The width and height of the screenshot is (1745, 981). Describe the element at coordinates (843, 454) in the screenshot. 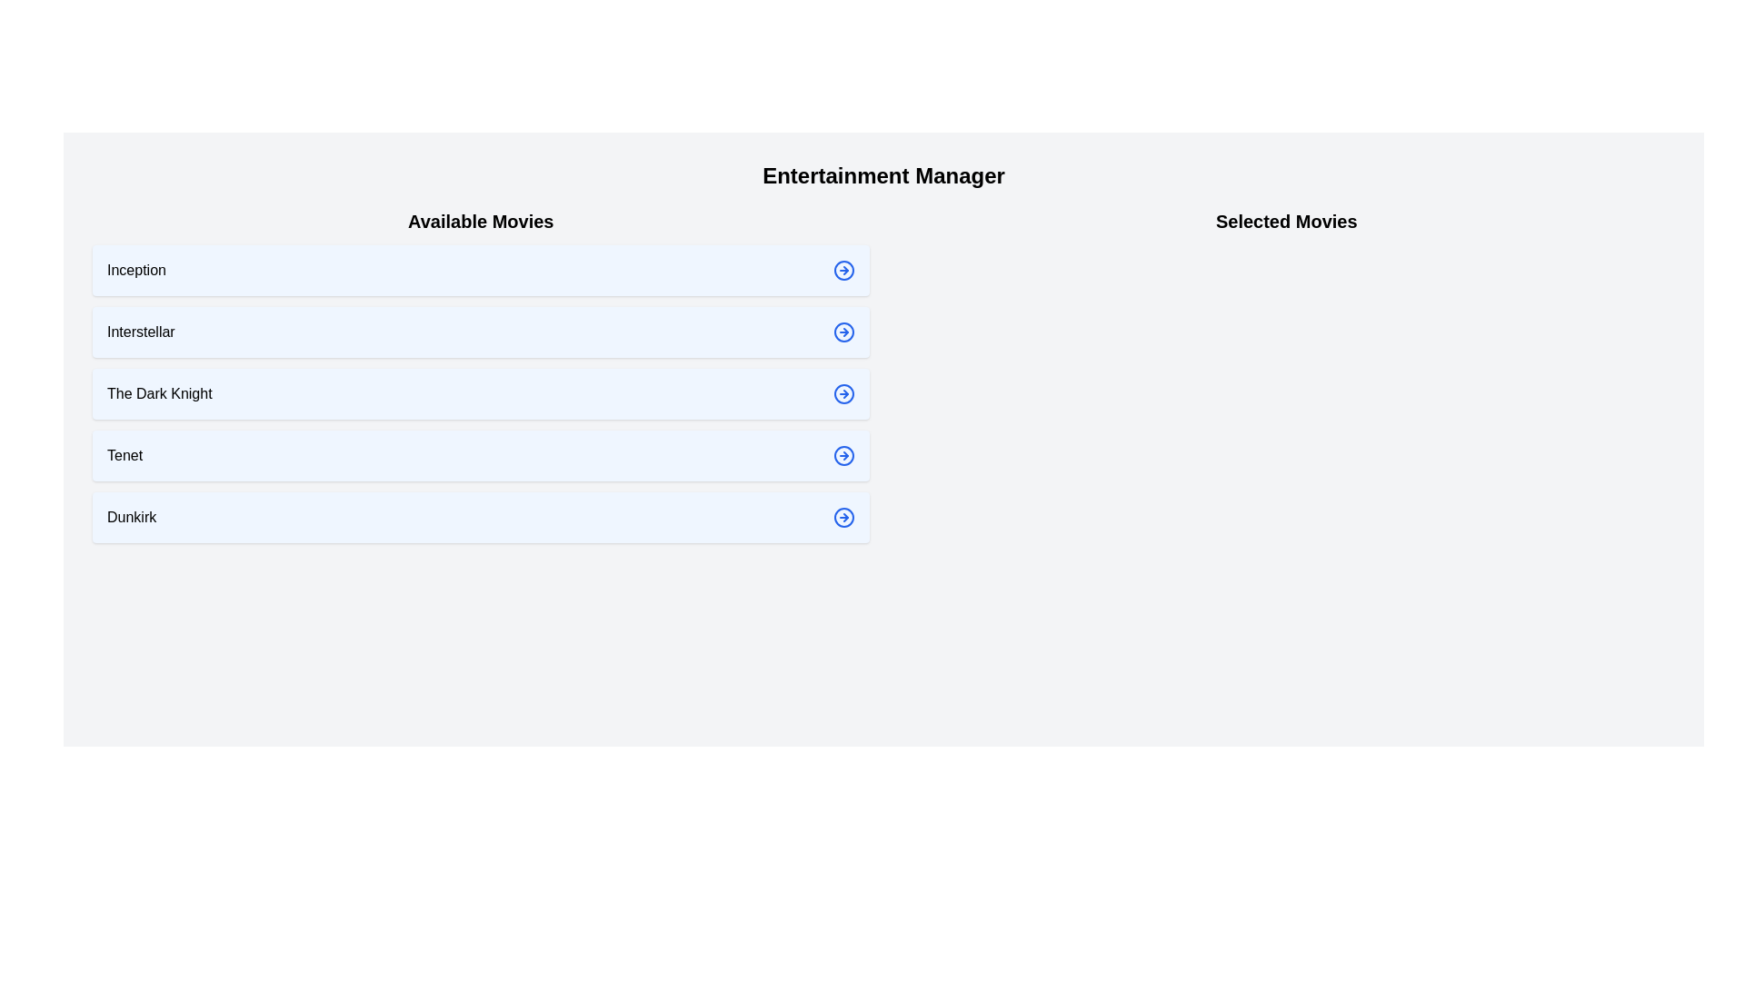

I see `the arrow icon next to the movie Tenet to select it` at that location.